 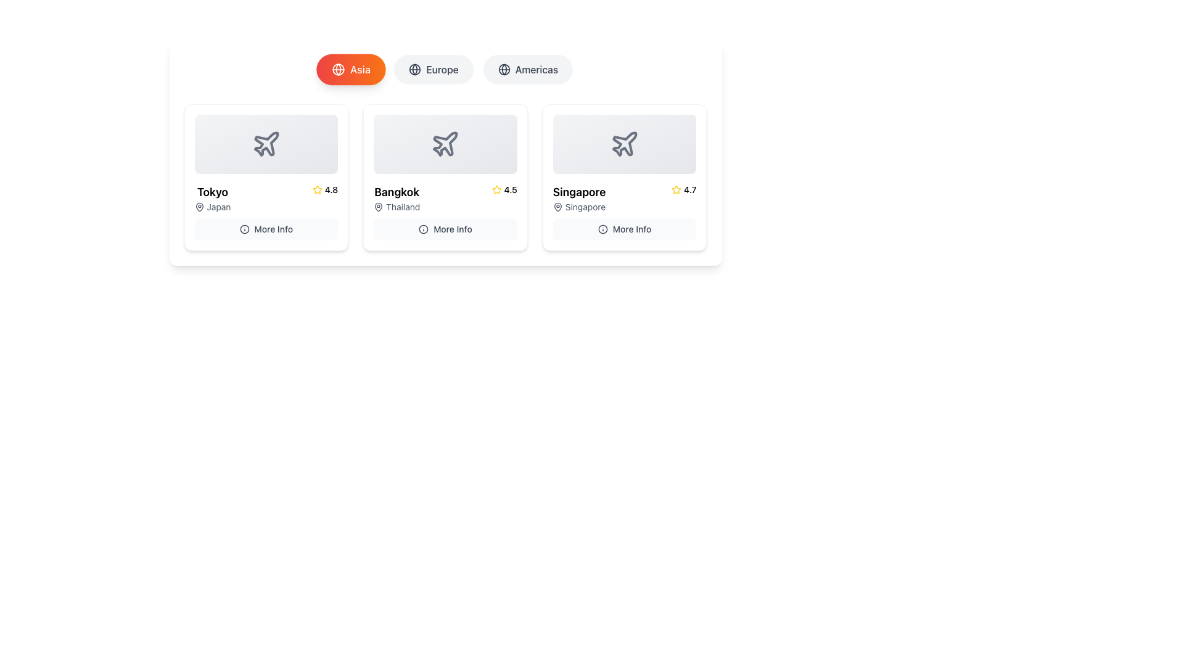 I want to click on the button that serves as a navigation or filtering option, so click(x=528, y=69).